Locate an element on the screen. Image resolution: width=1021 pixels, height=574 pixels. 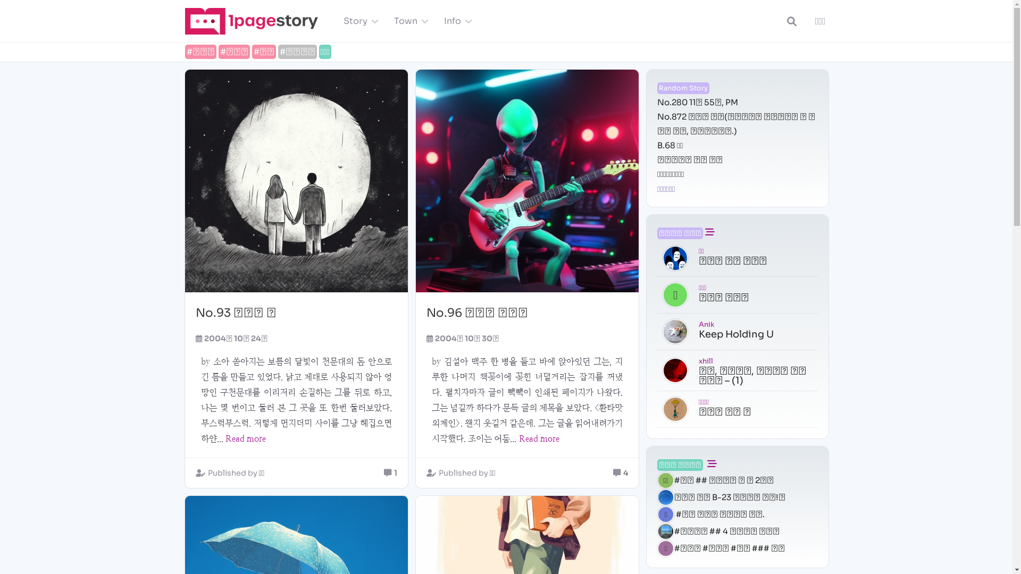
'1' is located at coordinates (395, 472).